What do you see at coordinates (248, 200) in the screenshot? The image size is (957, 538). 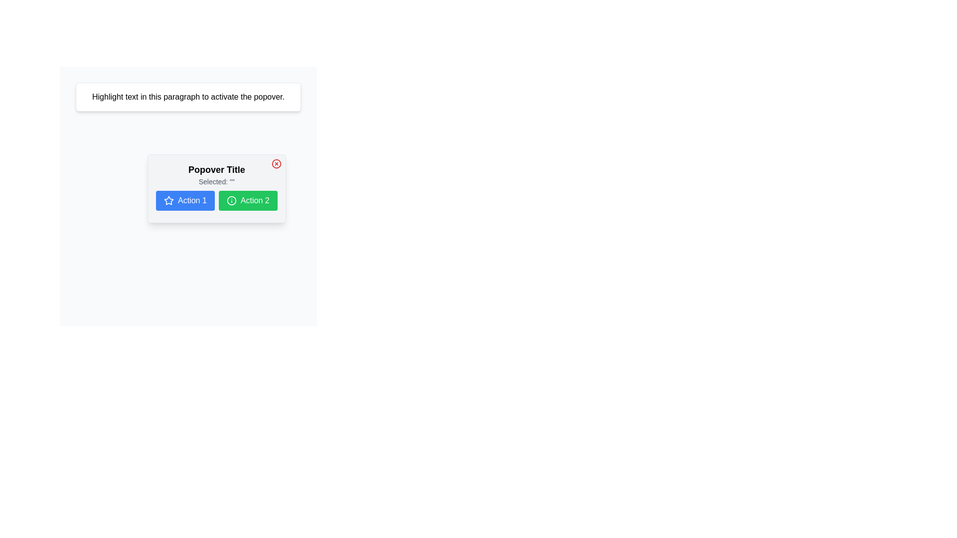 I see `the green button labeled 'Action 2' with an 'i' icon` at bounding box center [248, 200].